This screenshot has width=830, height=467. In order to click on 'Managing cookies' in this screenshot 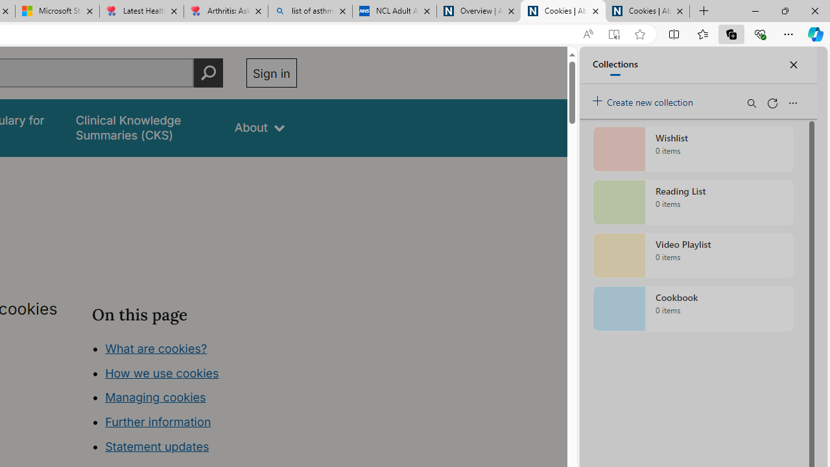, I will do `click(156, 397)`.